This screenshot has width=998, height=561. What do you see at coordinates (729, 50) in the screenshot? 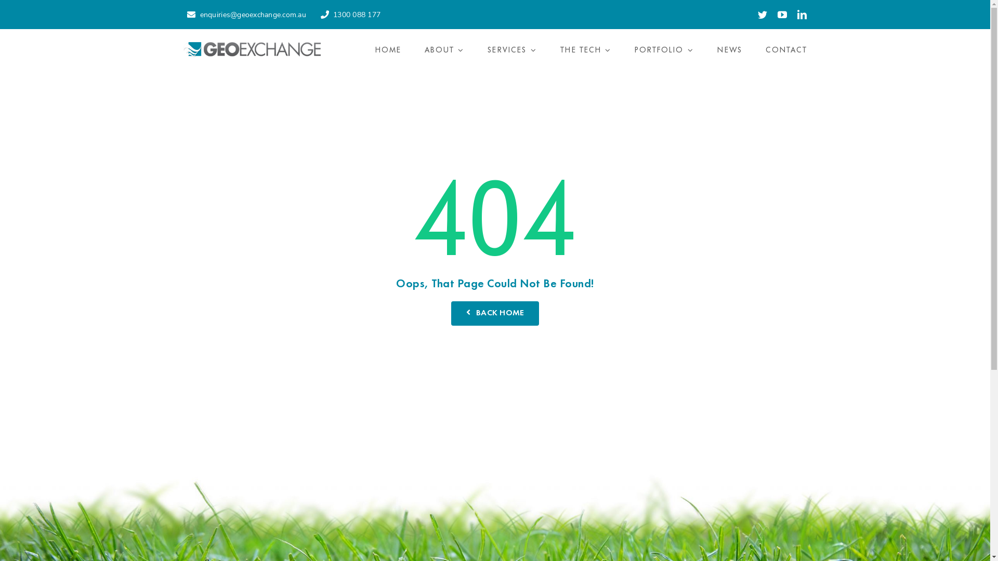
I see `'NEWS'` at bounding box center [729, 50].